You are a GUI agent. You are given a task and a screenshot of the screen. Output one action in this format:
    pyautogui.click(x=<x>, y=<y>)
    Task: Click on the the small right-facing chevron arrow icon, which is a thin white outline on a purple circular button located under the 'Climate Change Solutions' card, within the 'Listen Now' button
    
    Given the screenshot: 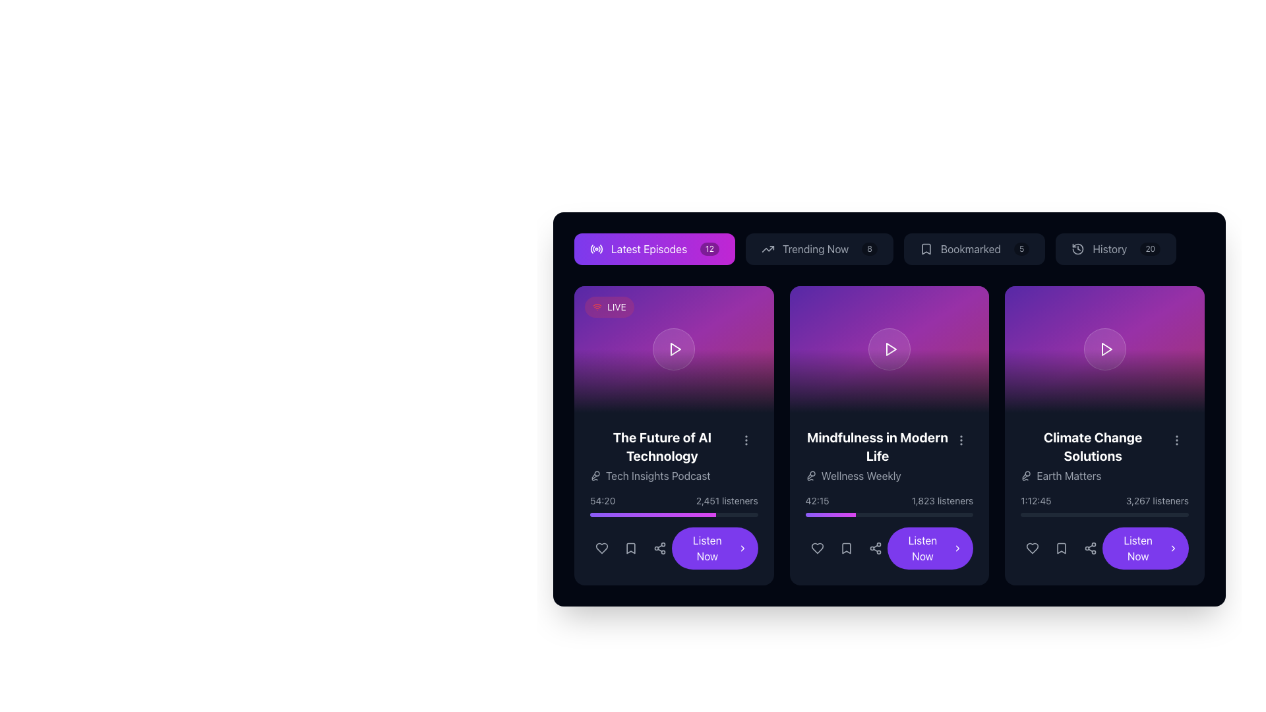 What is the action you would take?
    pyautogui.click(x=1173, y=549)
    